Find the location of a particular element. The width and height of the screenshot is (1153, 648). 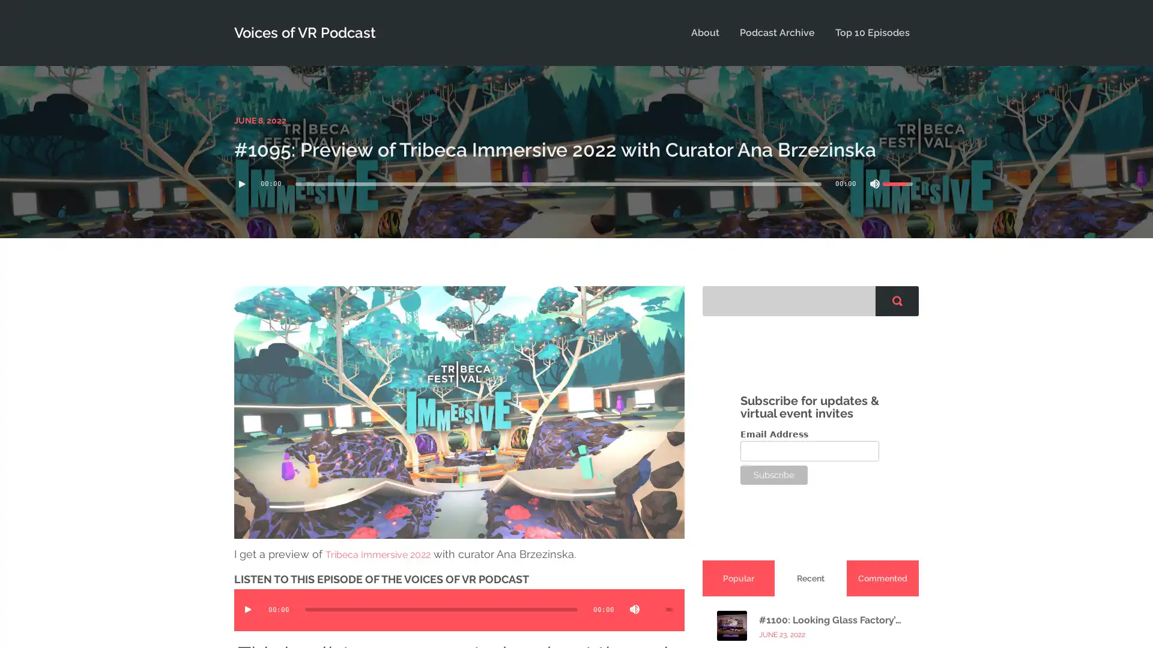

Mute Toggle is located at coordinates (634, 608).